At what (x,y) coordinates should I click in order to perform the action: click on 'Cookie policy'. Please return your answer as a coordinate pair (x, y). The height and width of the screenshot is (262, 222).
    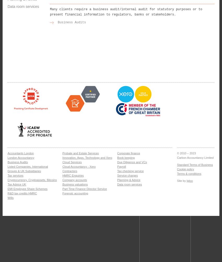
    Looking at the image, I should click on (185, 169).